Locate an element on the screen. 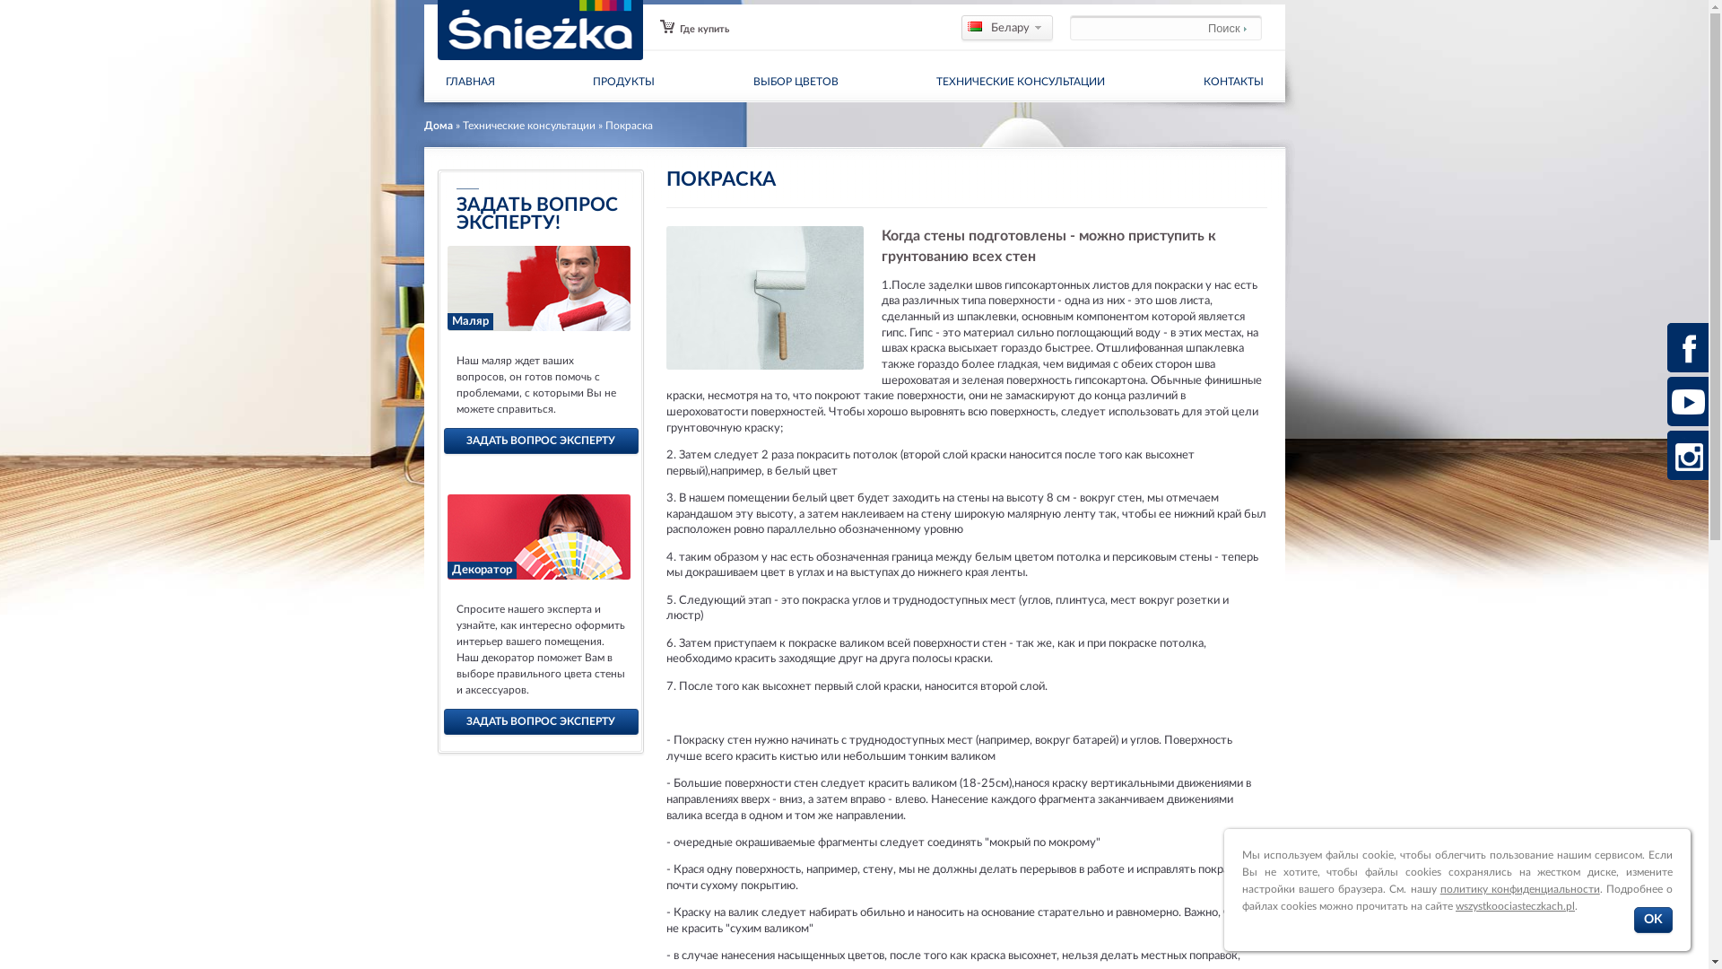  'wszystkoociasteczkach.pl' is located at coordinates (1514, 906).